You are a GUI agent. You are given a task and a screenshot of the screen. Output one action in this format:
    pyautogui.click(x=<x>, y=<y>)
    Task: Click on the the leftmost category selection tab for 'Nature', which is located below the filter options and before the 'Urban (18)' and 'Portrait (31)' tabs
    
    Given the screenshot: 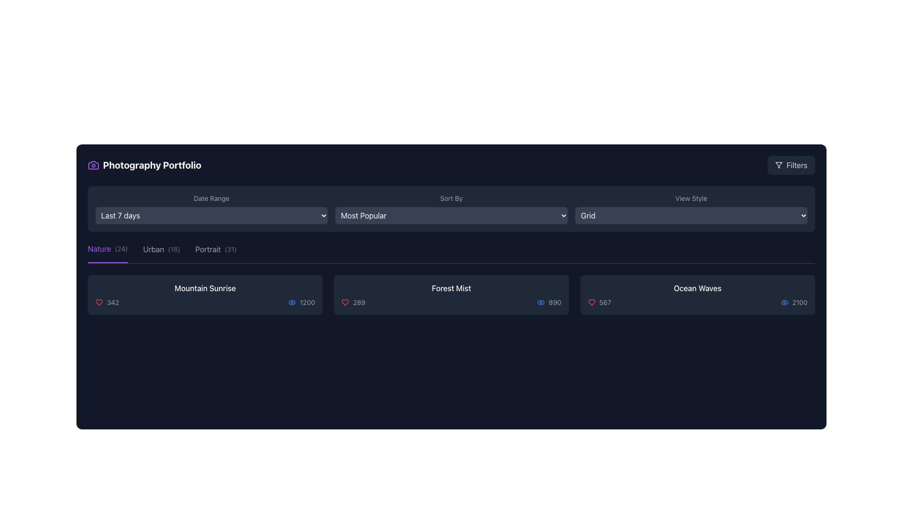 What is the action you would take?
    pyautogui.click(x=108, y=252)
    